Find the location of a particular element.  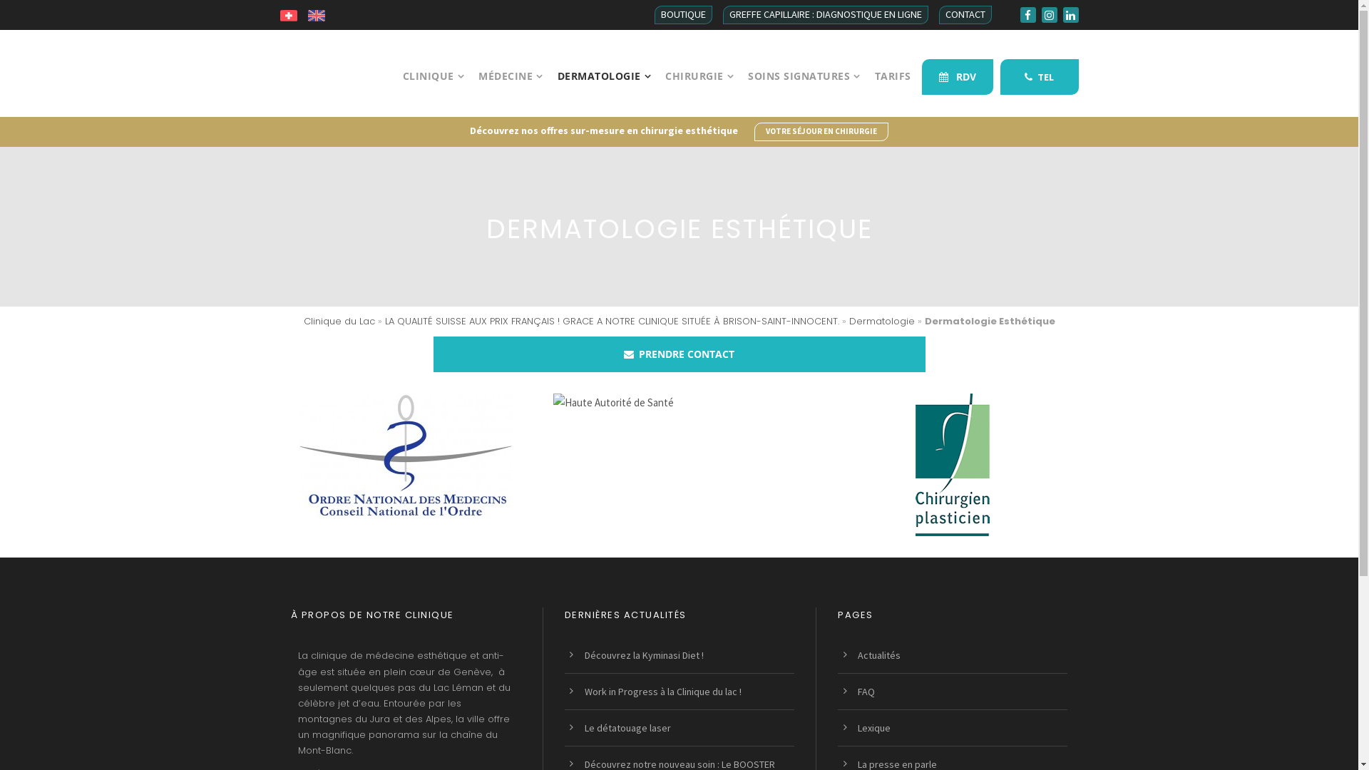

'CHIRURGIE' is located at coordinates (699, 93).